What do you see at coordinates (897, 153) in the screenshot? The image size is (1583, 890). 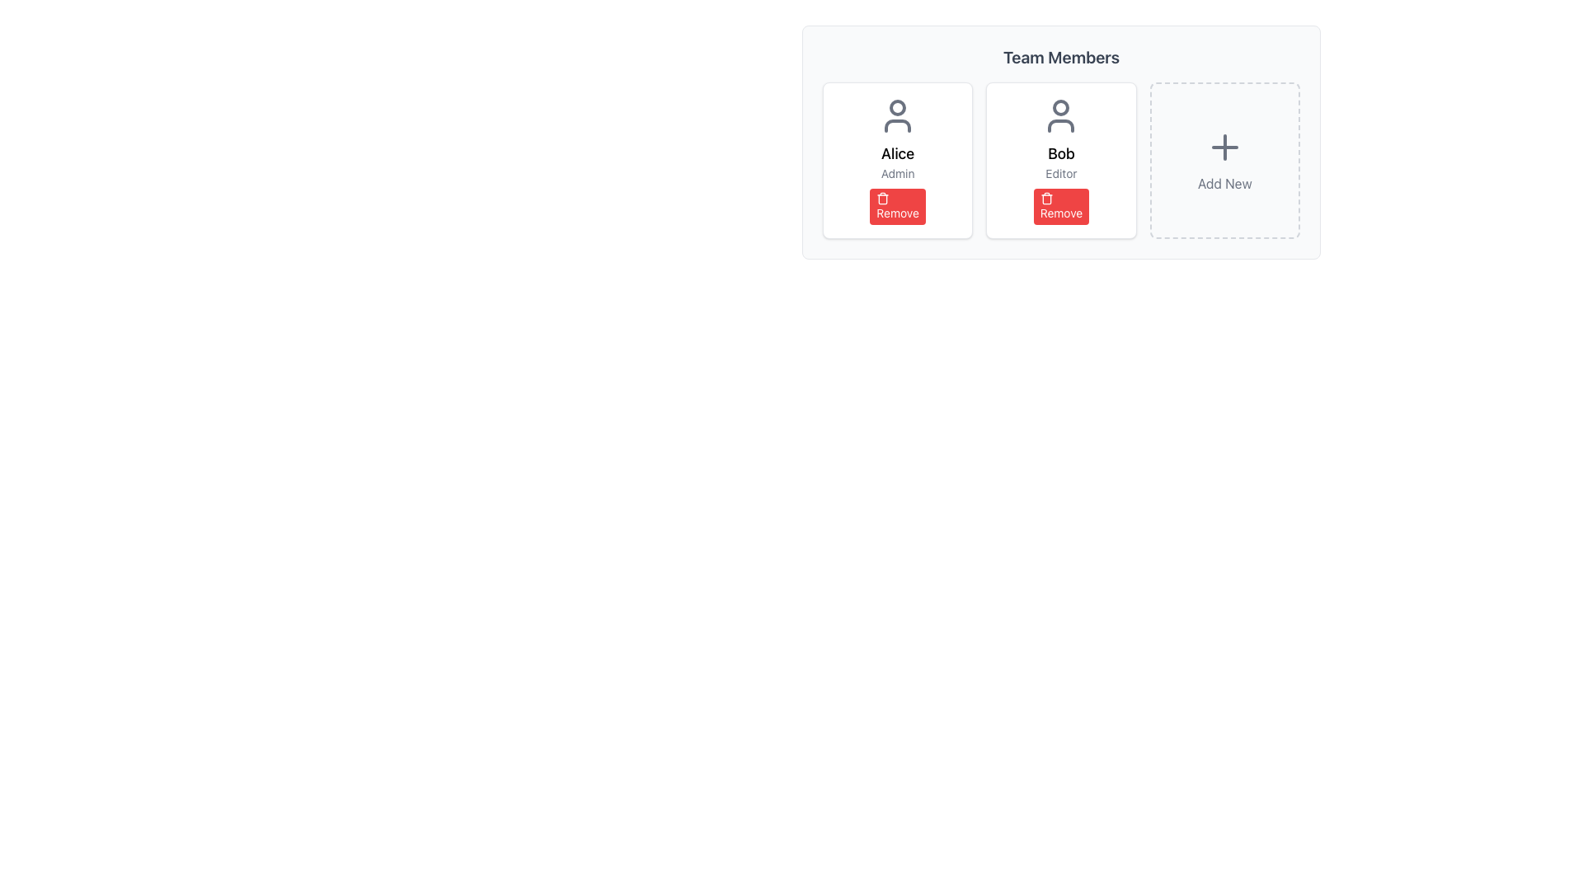 I see `text displayed in the user name label within the Team Members card, which is centrally located above the role description and below the user icon` at bounding box center [897, 153].